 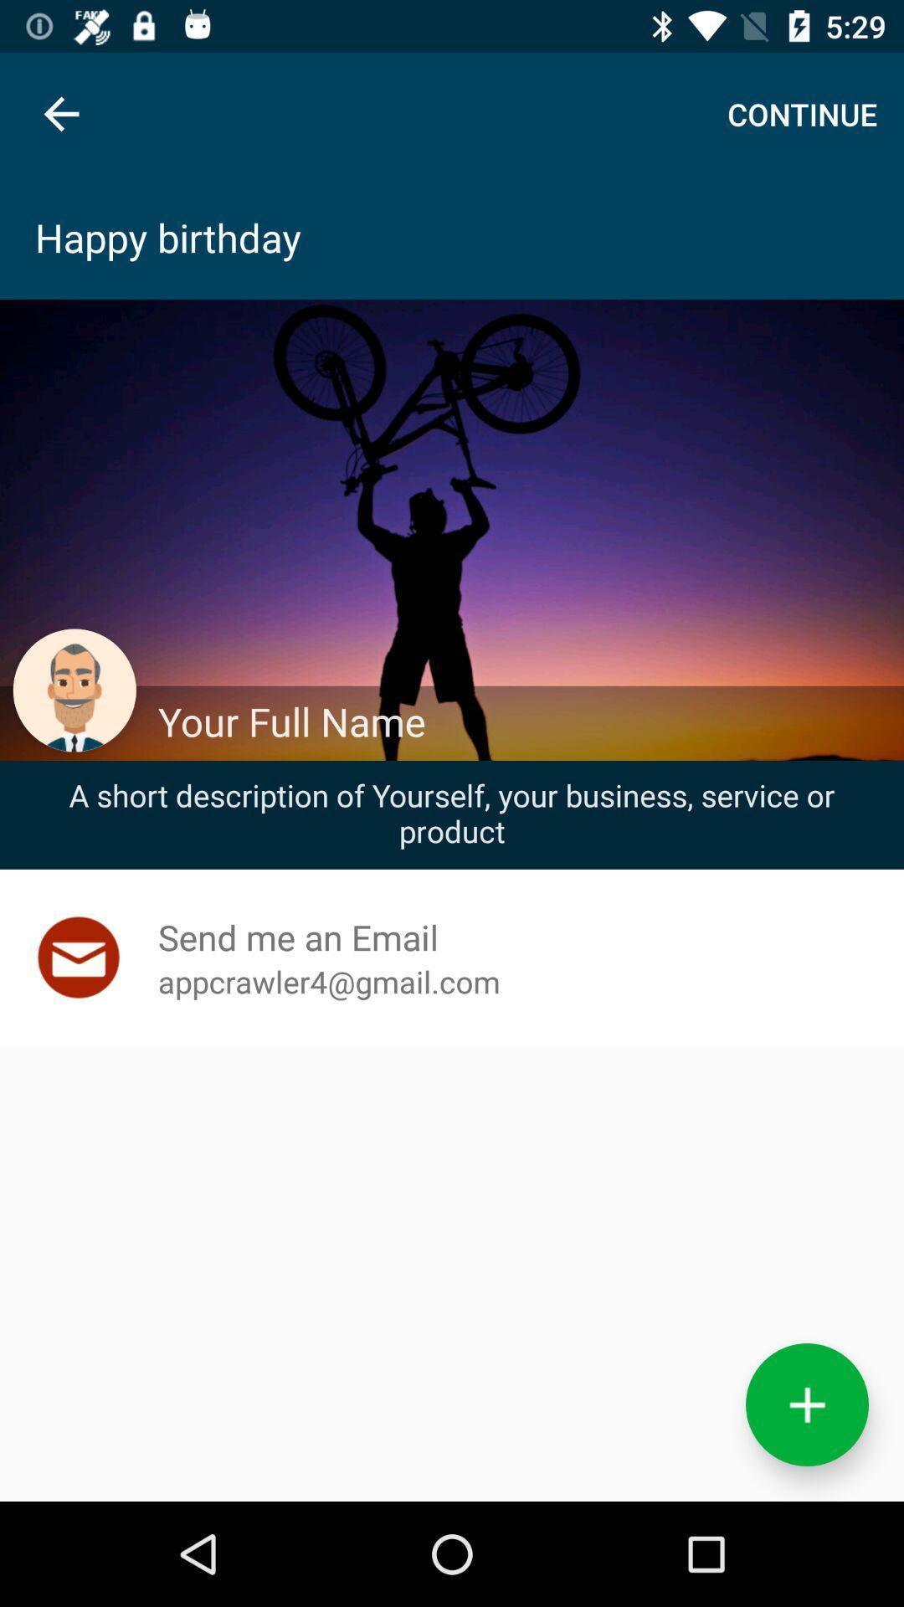 What do you see at coordinates (521, 721) in the screenshot?
I see `the icon above a short description icon` at bounding box center [521, 721].